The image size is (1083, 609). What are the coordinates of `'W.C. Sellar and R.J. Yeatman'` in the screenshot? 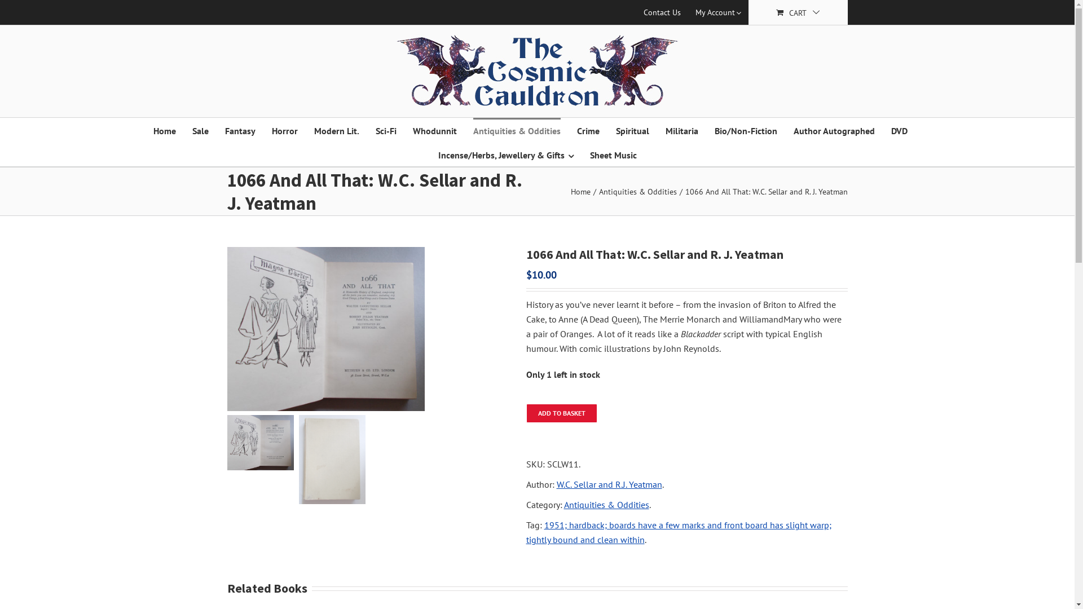 It's located at (608, 484).